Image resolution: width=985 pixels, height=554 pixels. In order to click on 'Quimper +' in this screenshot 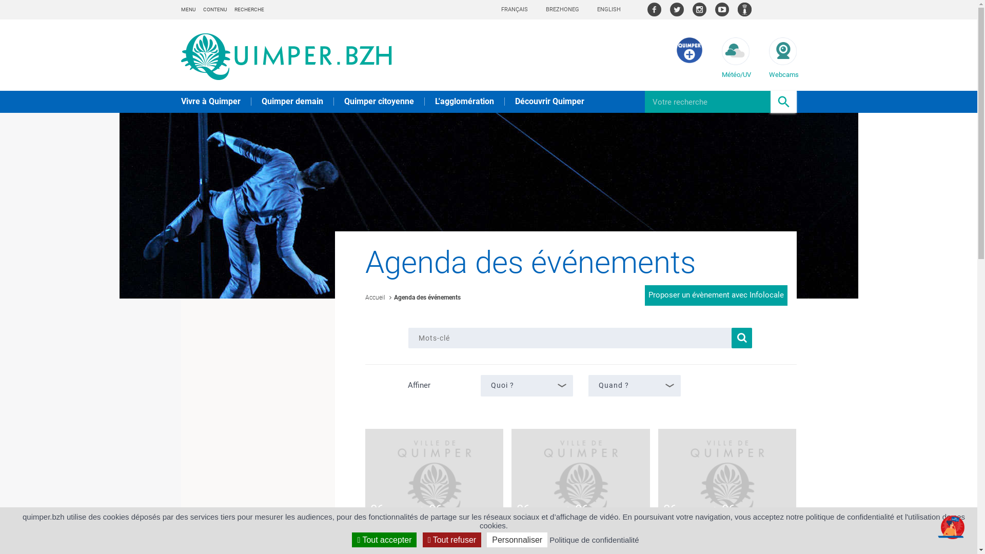, I will do `click(689, 61)`.